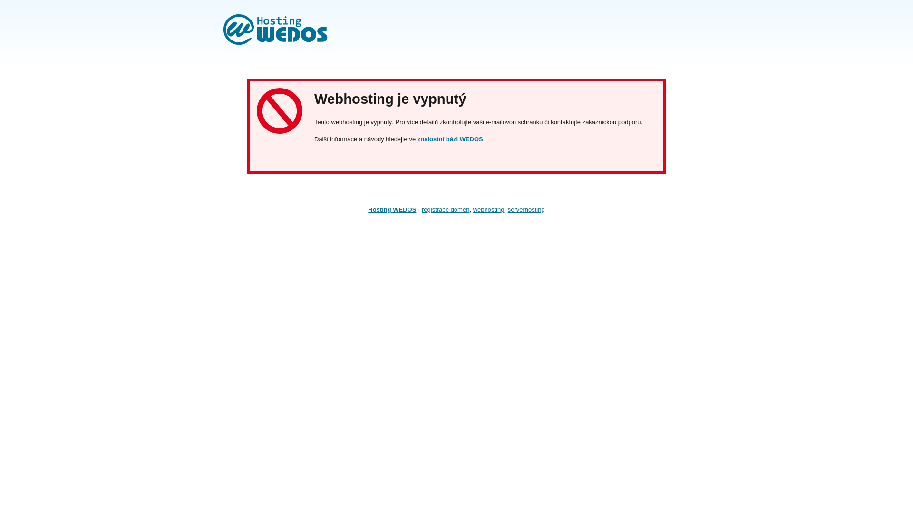 The width and height of the screenshot is (913, 514). I want to click on 'webhosting', so click(488, 209).